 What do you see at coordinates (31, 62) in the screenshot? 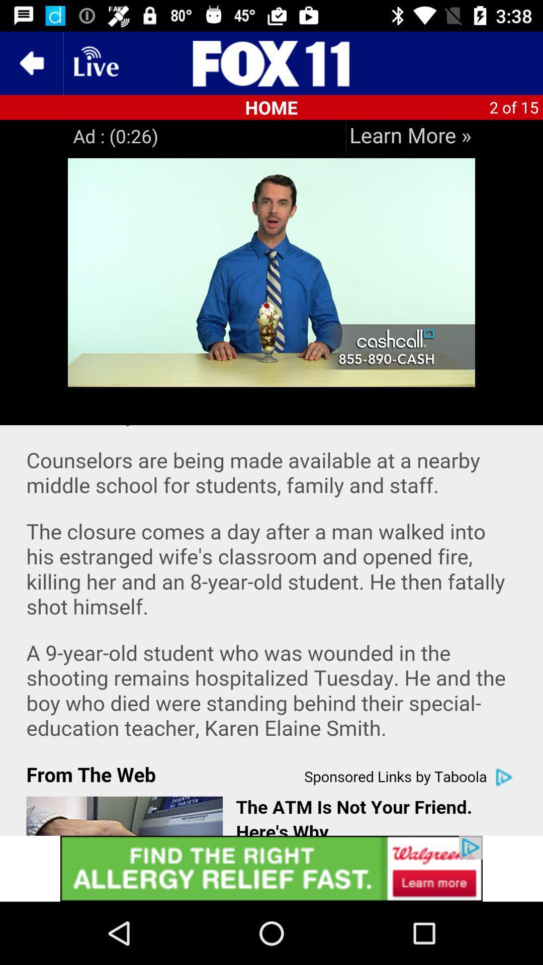
I see `go back` at bounding box center [31, 62].